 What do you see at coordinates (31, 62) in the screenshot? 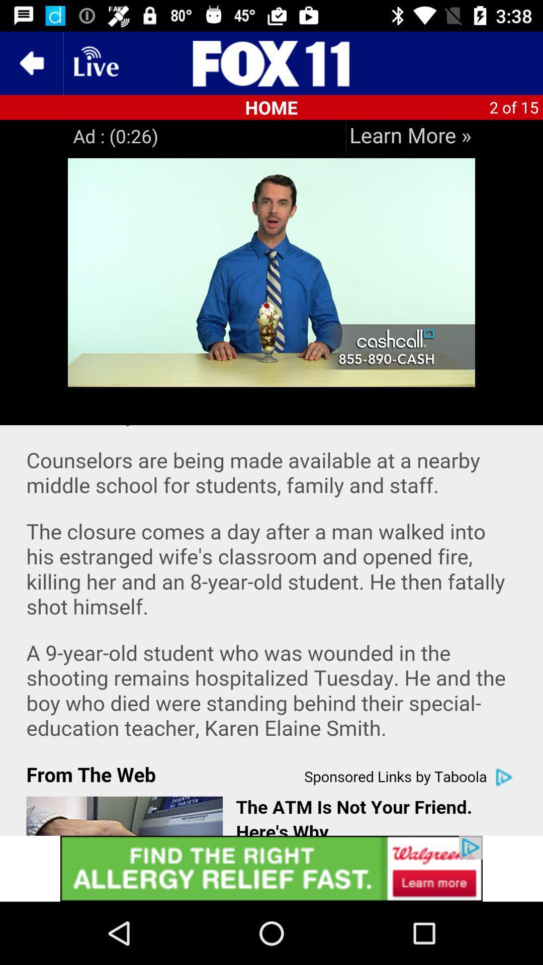
I see `go back` at bounding box center [31, 62].